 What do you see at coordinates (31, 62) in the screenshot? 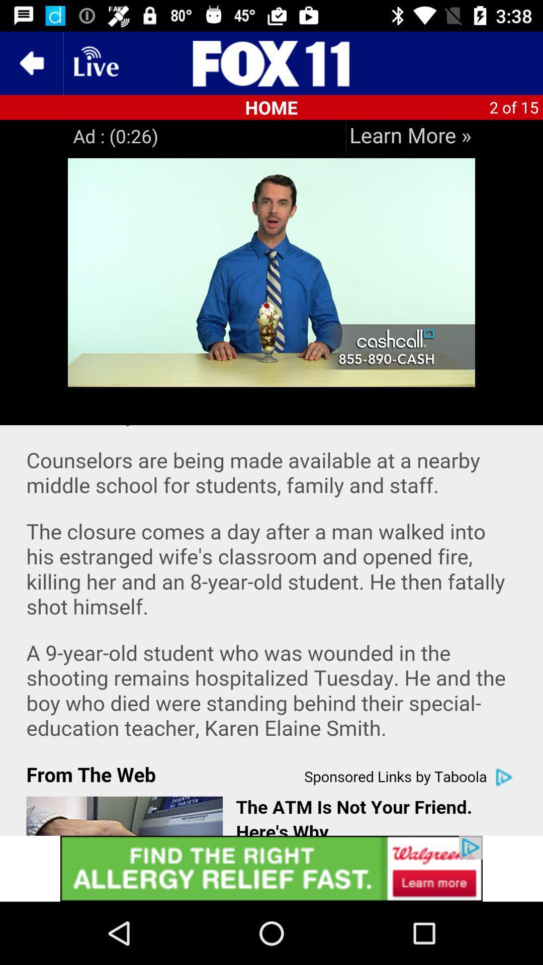
I see `go back` at bounding box center [31, 62].